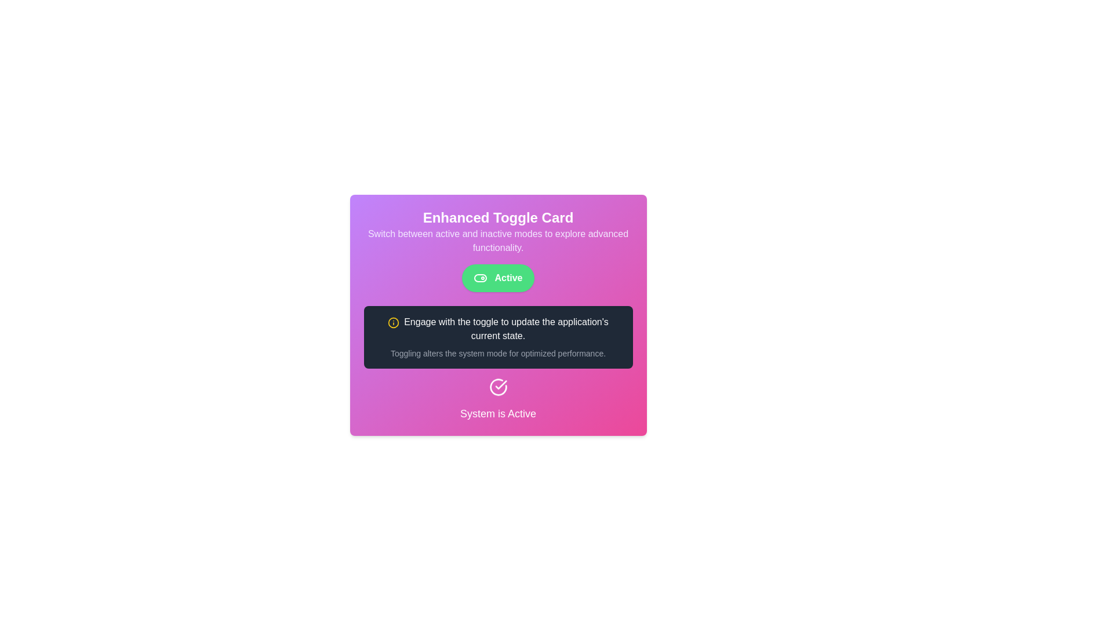 The height and width of the screenshot is (626, 1113). What do you see at coordinates (501, 387) in the screenshot?
I see `the checkmark icon, which is styled in white and set against a vibrant pink background, located in the lower-center region of the interface` at bounding box center [501, 387].